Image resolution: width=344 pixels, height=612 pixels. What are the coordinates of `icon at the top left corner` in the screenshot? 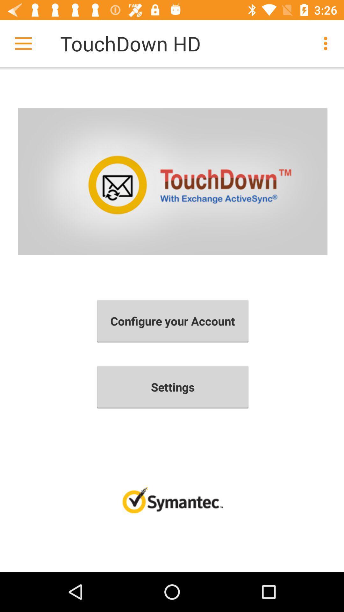 It's located at (23, 43).